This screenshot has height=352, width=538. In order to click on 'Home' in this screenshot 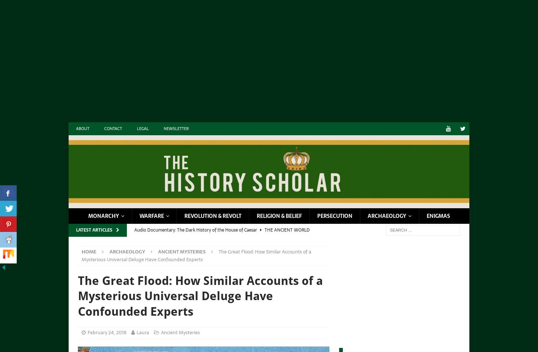, I will do `click(81, 251)`.